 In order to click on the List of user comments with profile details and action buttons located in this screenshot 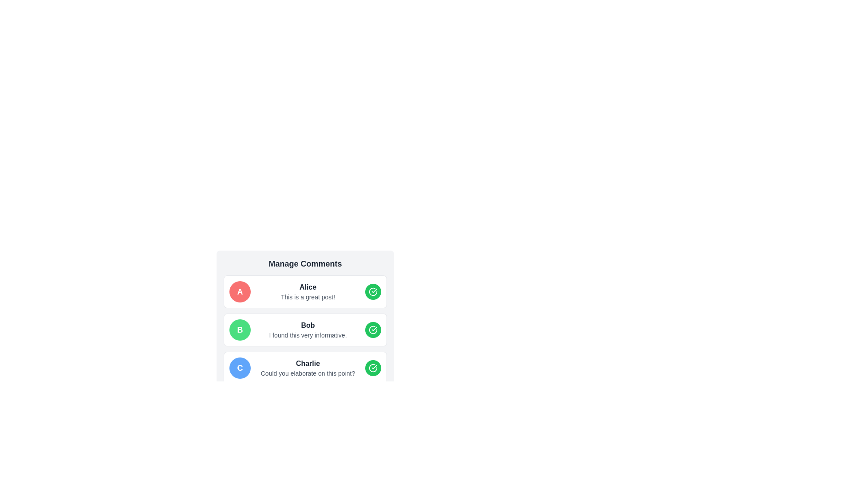, I will do `click(305, 330)`.